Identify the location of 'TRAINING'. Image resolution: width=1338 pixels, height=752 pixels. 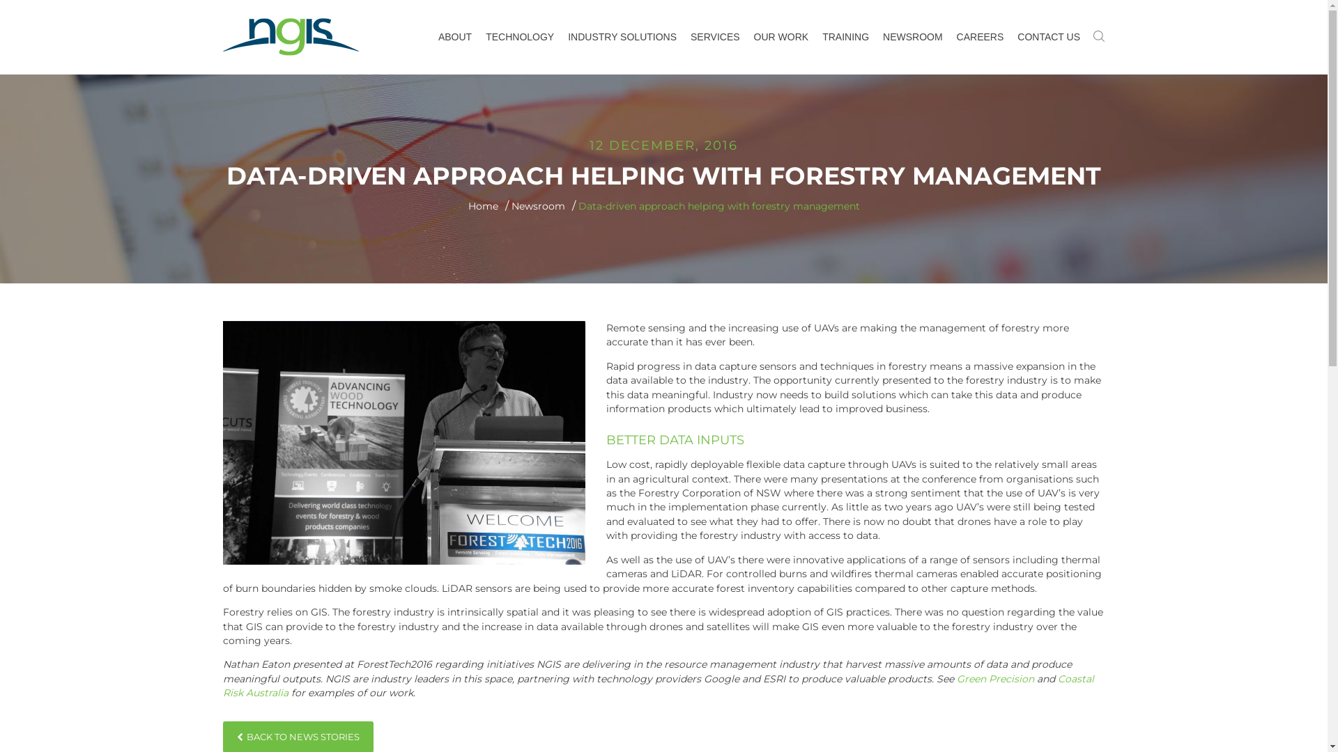
(845, 36).